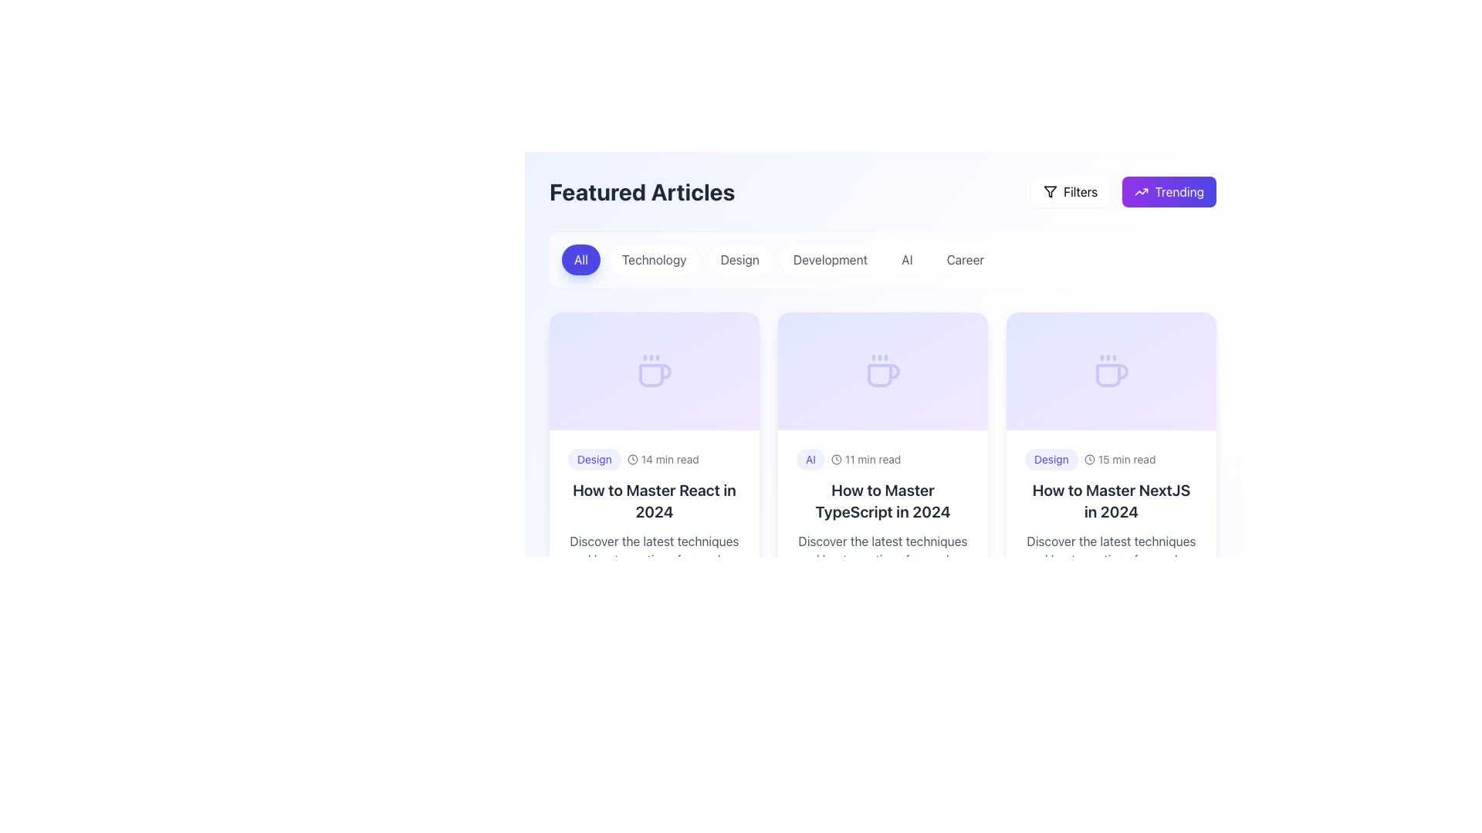 This screenshot has width=1482, height=833. What do you see at coordinates (663, 459) in the screenshot?
I see `the text element displaying '14 min read' with the adjacent clock icon, located below the 'Design' label in the article card layout, to potentially reveal a tooltip` at bounding box center [663, 459].